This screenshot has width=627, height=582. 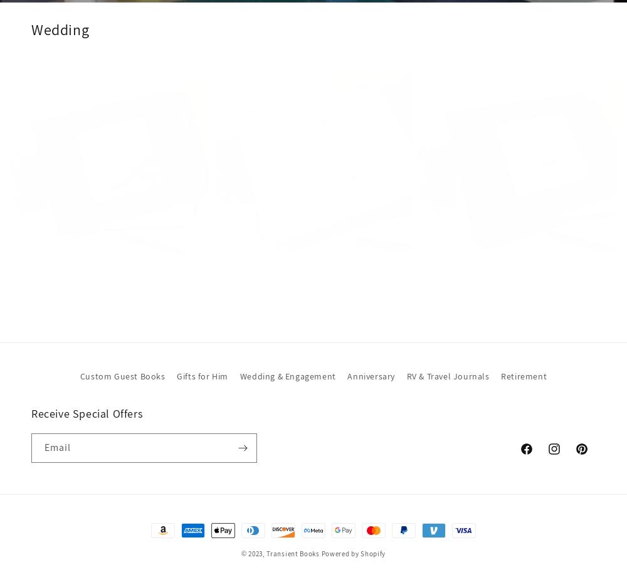 I want to click on 'Receive Special Offers', so click(x=87, y=413).